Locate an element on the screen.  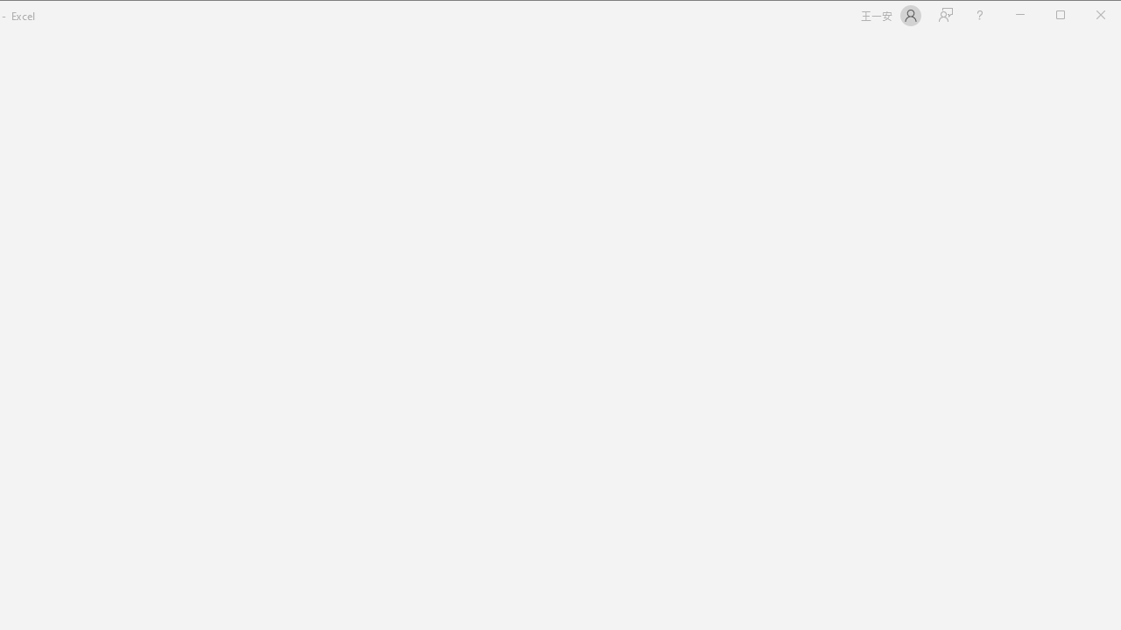
'Minimize' is located at coordinates (1065, 17).